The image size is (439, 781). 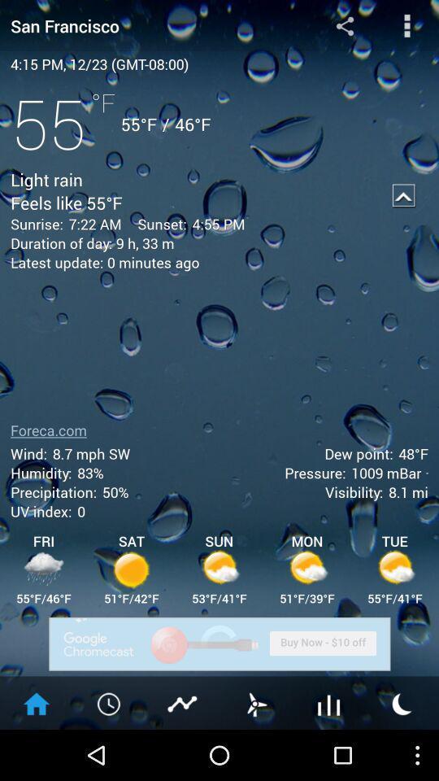 I want to click on share weather page, so click(x=344, y=24).